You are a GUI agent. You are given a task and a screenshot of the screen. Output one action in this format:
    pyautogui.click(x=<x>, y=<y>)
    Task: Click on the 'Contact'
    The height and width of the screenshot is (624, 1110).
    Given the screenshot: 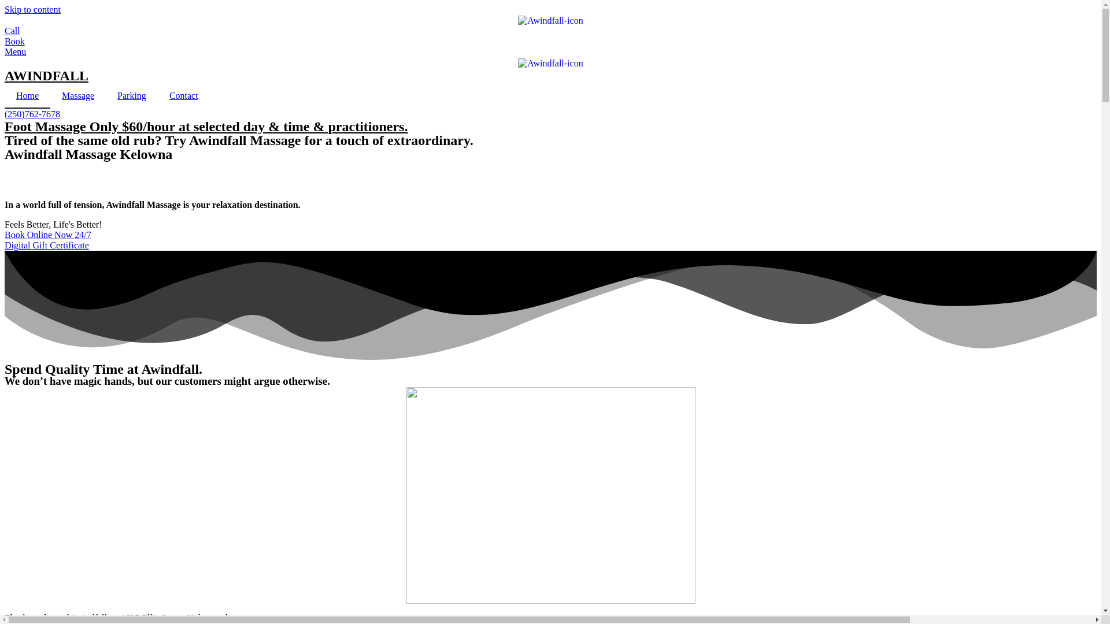 What is the action you would take?
    pyautogui.click(x=183, y=95)
    